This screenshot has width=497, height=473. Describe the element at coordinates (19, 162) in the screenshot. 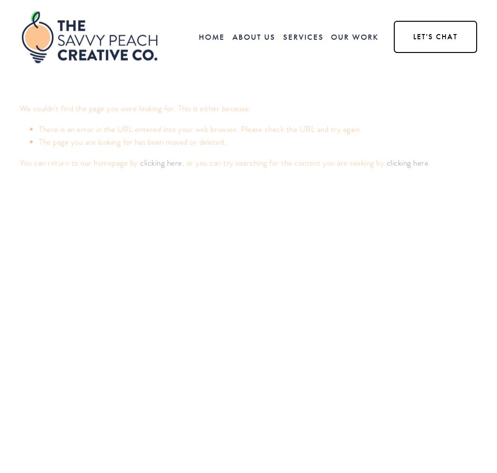

I see `'You can return to our homepage by'` at that location.